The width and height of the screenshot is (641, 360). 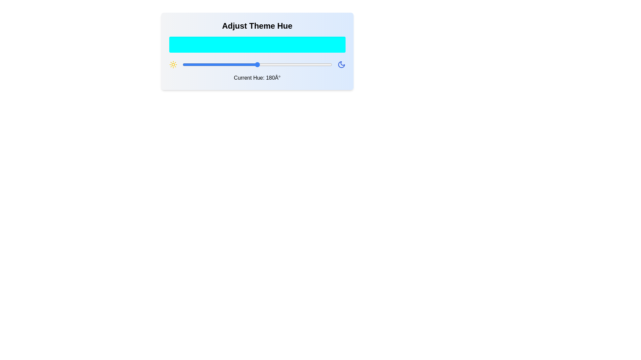 I want to click on the hue slider to set the hue to 23 degrees, so click(x=192, y=64).